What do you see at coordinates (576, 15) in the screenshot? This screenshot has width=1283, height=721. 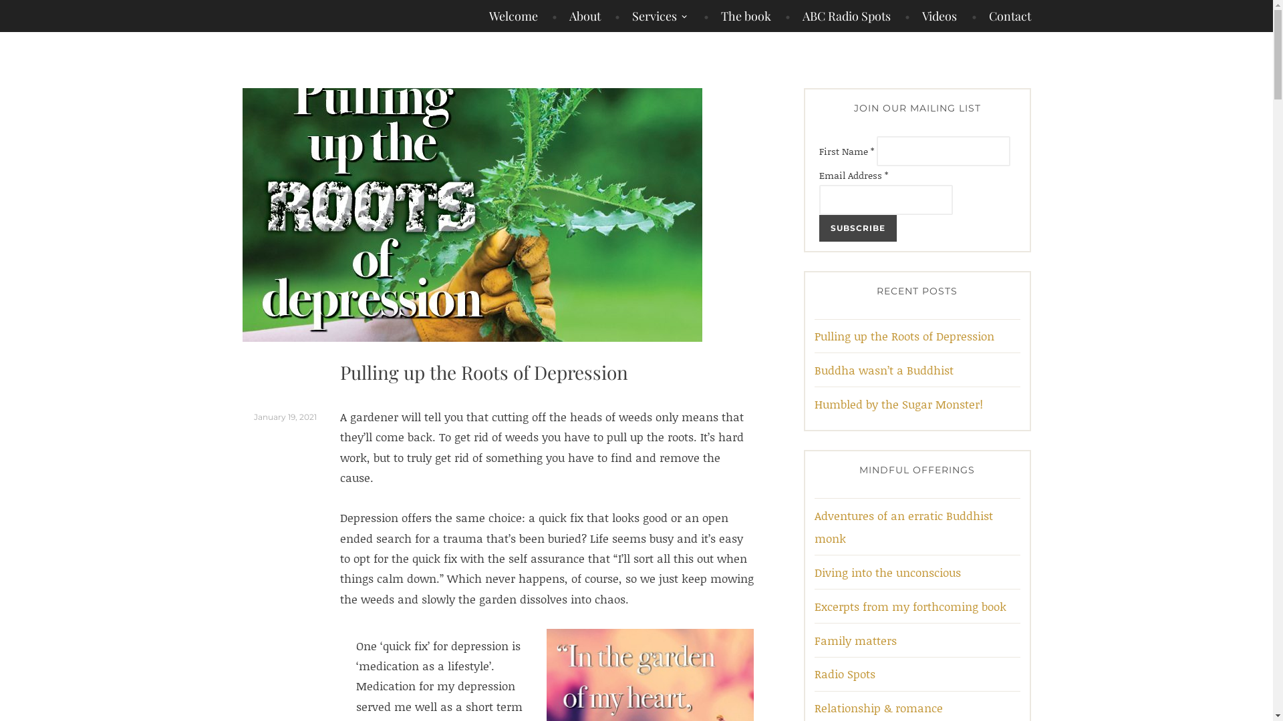 I see `'About'` at bounding box center [576, 15].